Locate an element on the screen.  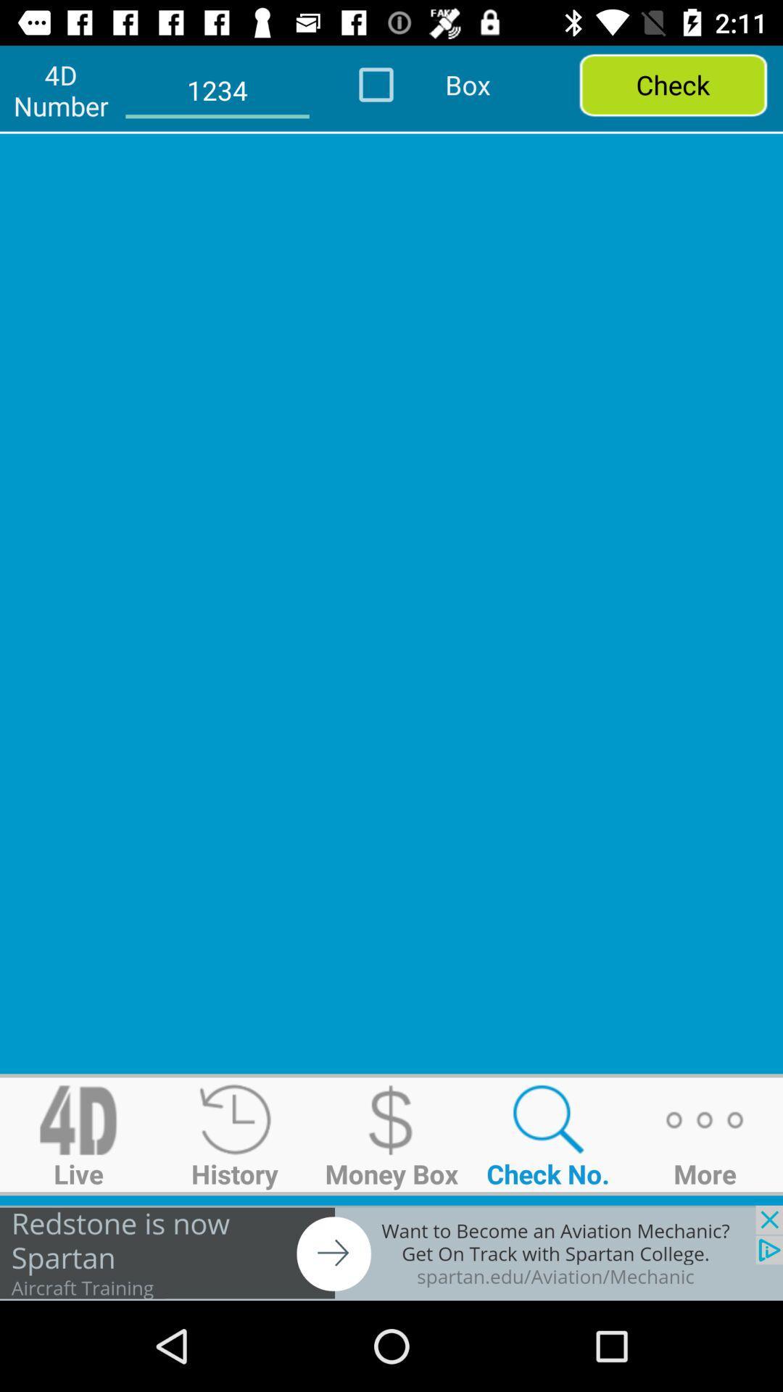
history at the bottom is located at coordinates (234, 1134).